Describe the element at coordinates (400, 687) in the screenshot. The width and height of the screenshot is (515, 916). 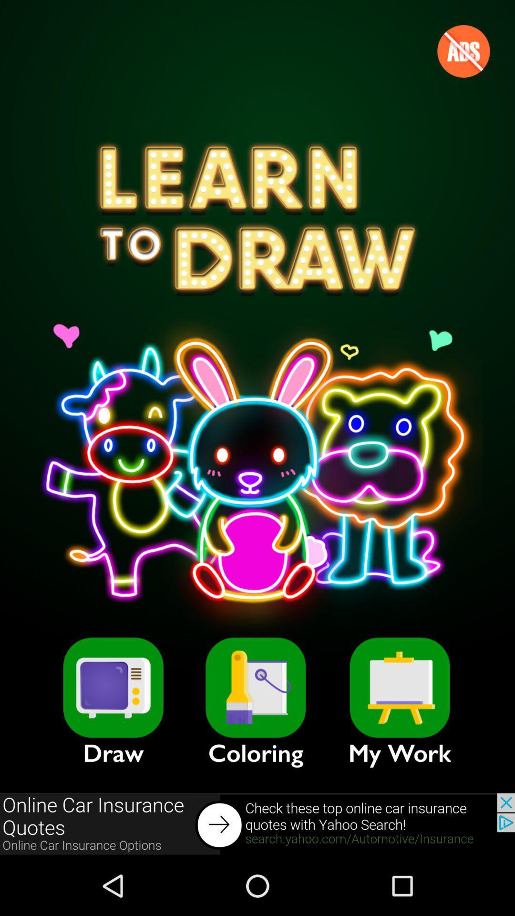
I see `my work` at that location.